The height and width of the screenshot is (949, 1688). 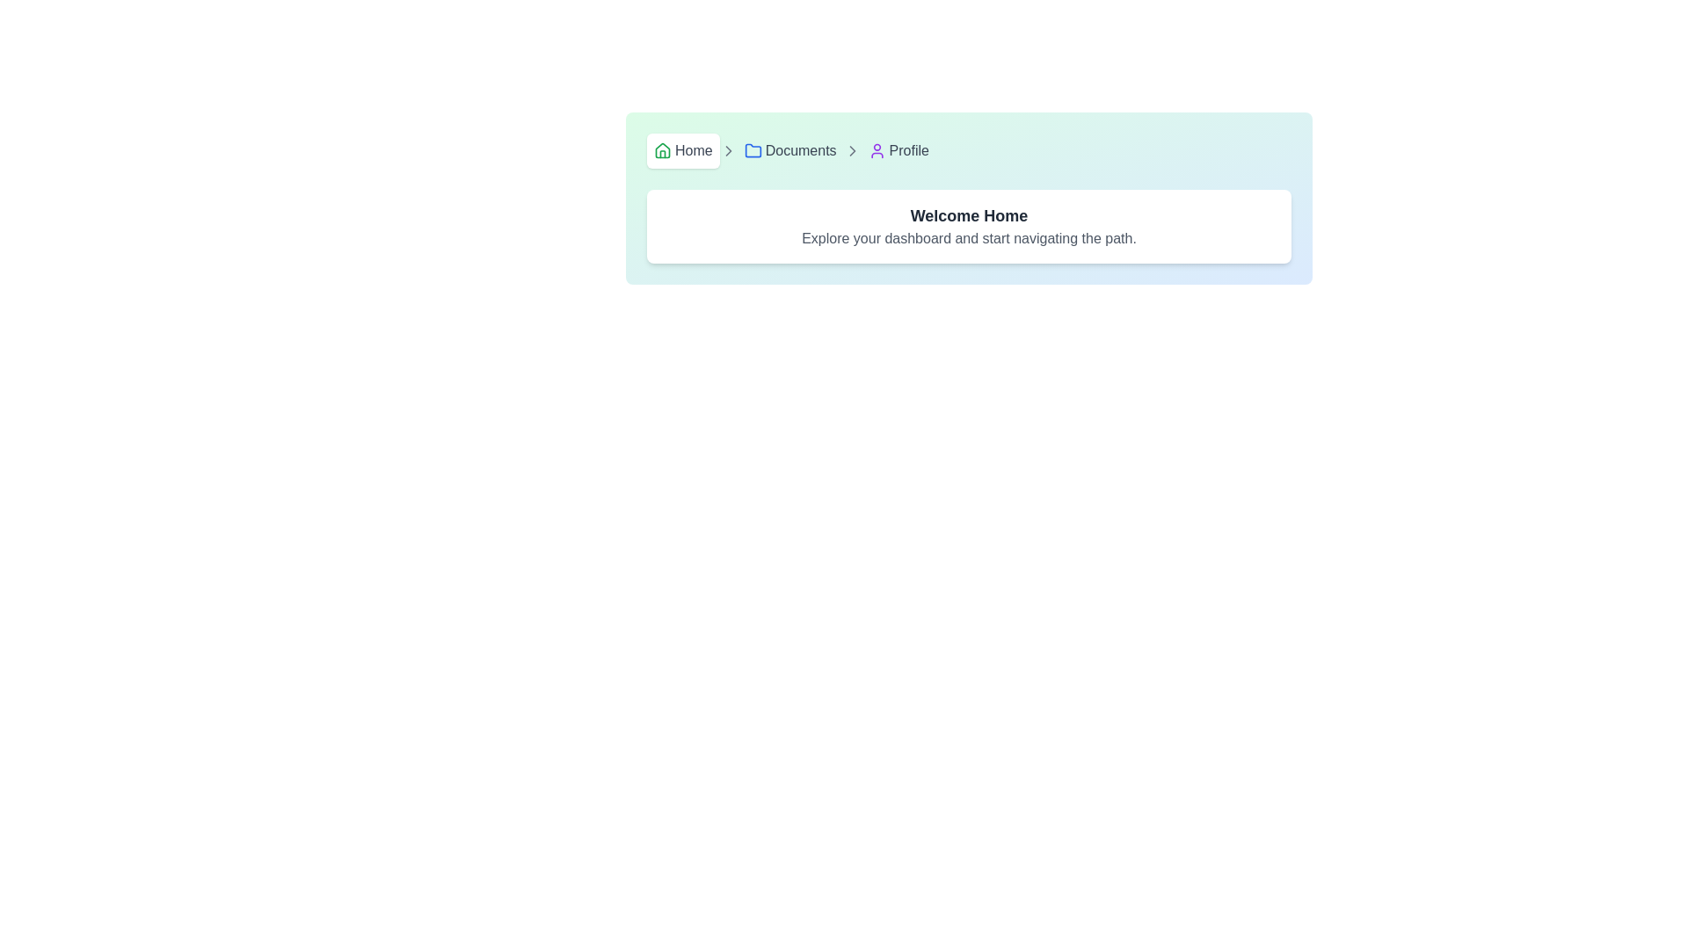 What do you see at coordinates (852, 150) in the screenshot?
I see `the right-facing chevron arrow icon in the breadcrumb navigation bar, located between 'Documents' and 'Profile'` at bounding box center [852, 150].